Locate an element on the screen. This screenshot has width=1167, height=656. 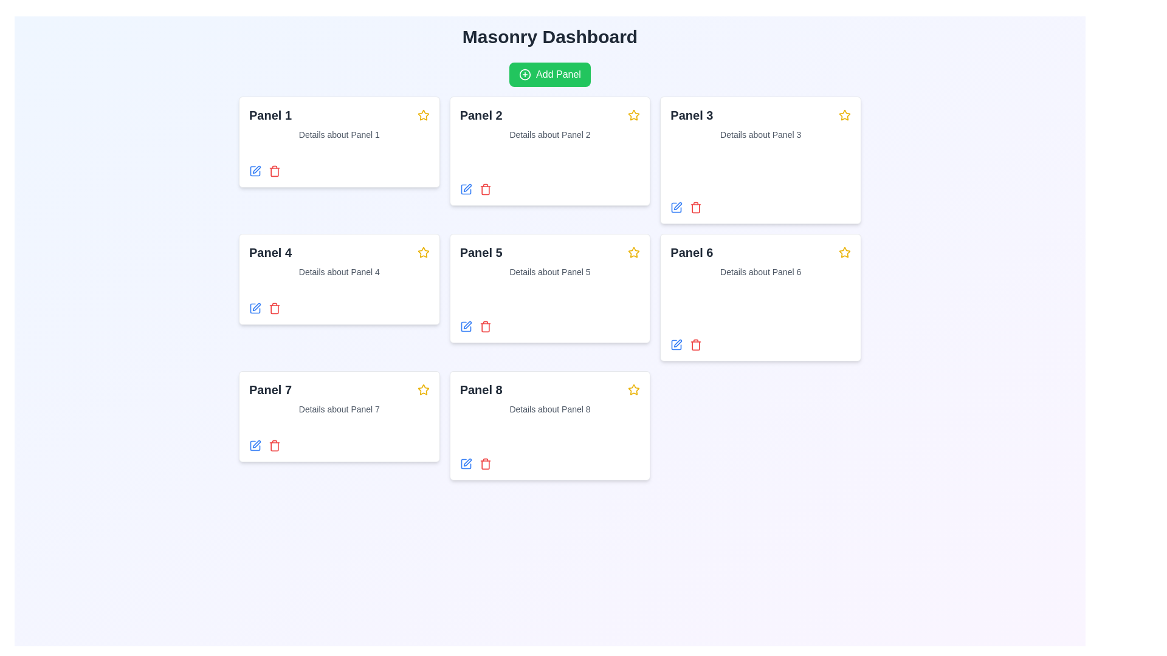
the middle part of the red trash can icon in 'Panel 5' is located at coordinates (484, 327).